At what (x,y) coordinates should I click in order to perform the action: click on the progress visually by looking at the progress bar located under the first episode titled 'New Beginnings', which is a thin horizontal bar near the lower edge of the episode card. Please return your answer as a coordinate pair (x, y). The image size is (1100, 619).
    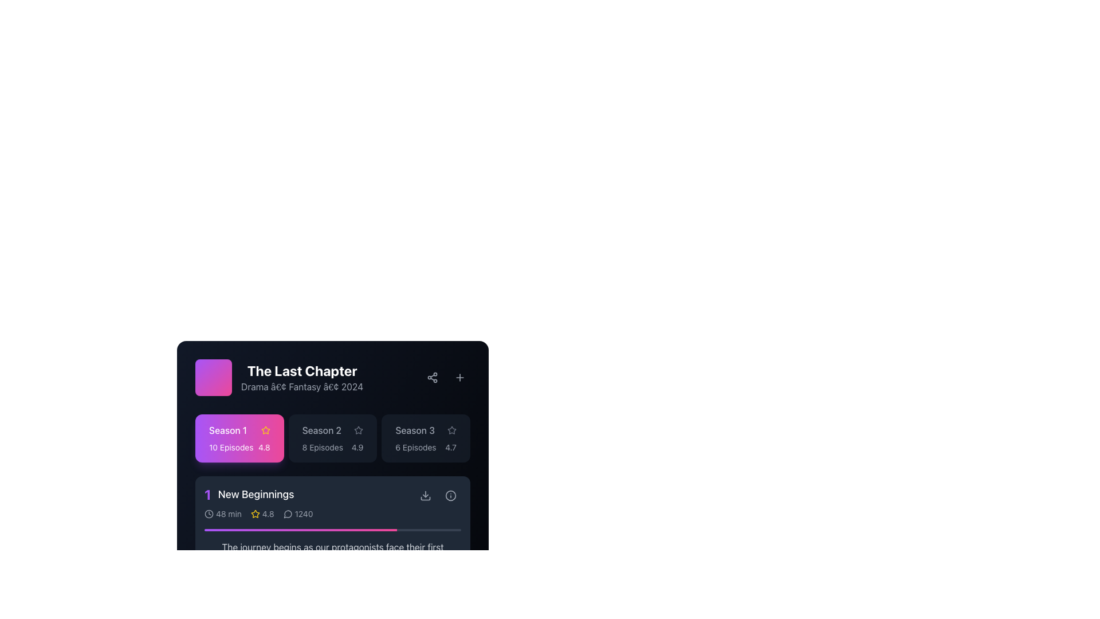
    Looking at the image, I should click on (332, 530).